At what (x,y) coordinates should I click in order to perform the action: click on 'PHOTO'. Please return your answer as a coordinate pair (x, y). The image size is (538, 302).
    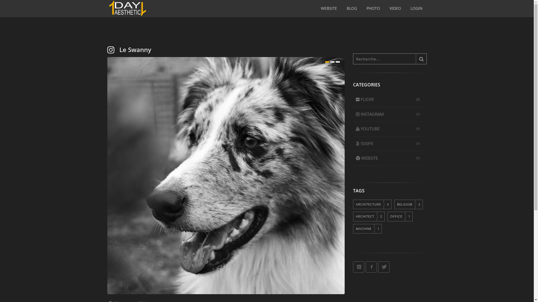
    Looking at the image, I should click on (373, 8).